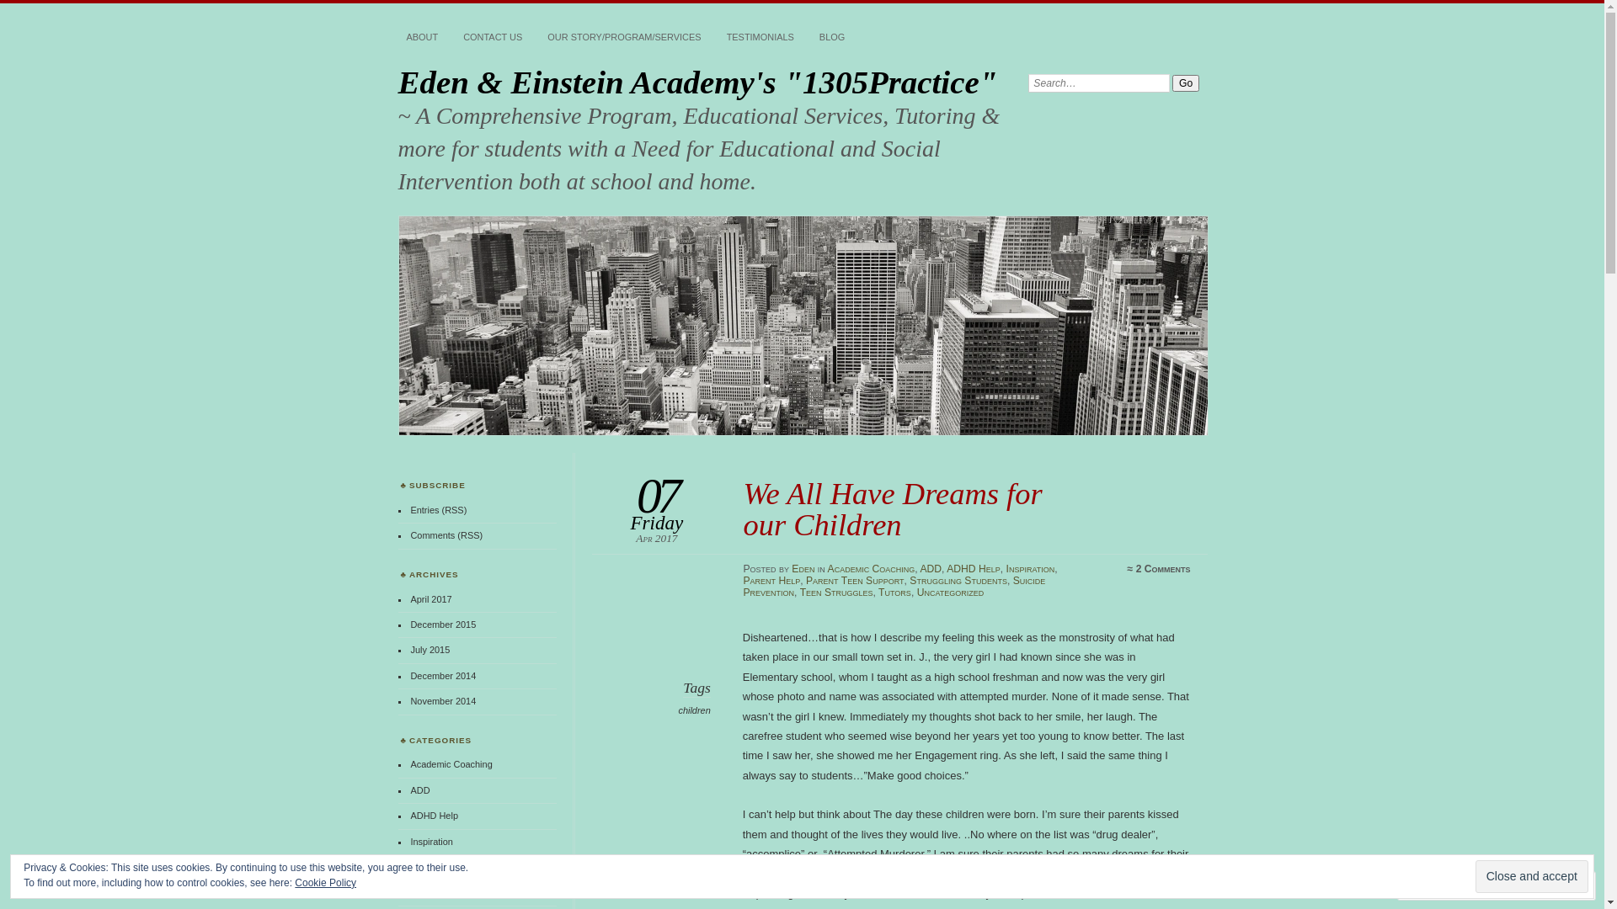 The width and height of the screenshot is (1617, 909). What do you see at coordinates (430, 648) in the screenshot?
I see `'July 2015'` at bounding box center [430, 648].